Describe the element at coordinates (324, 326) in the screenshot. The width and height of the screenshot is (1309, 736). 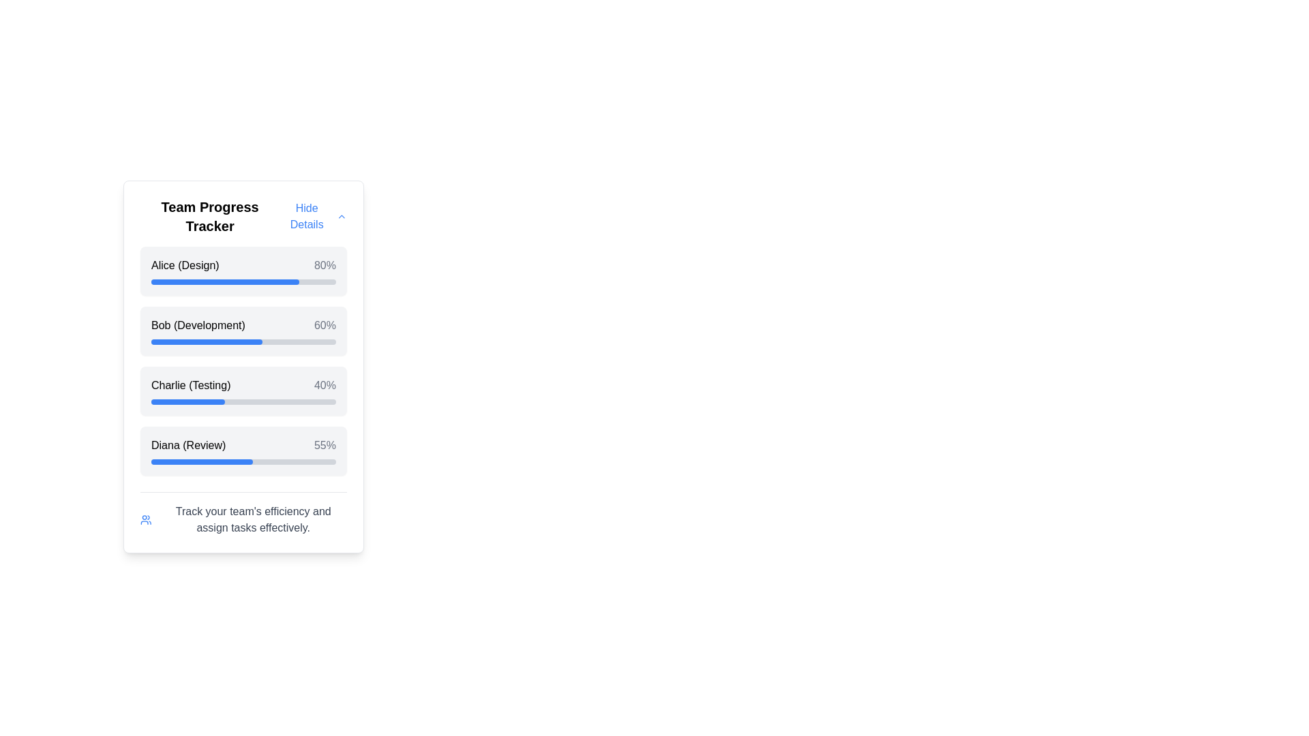
I see `the static text label displaying the progress percentage for 'Bob (Development)', which is non-interactive and located on the right side of the corresponding progress bar` at that location.